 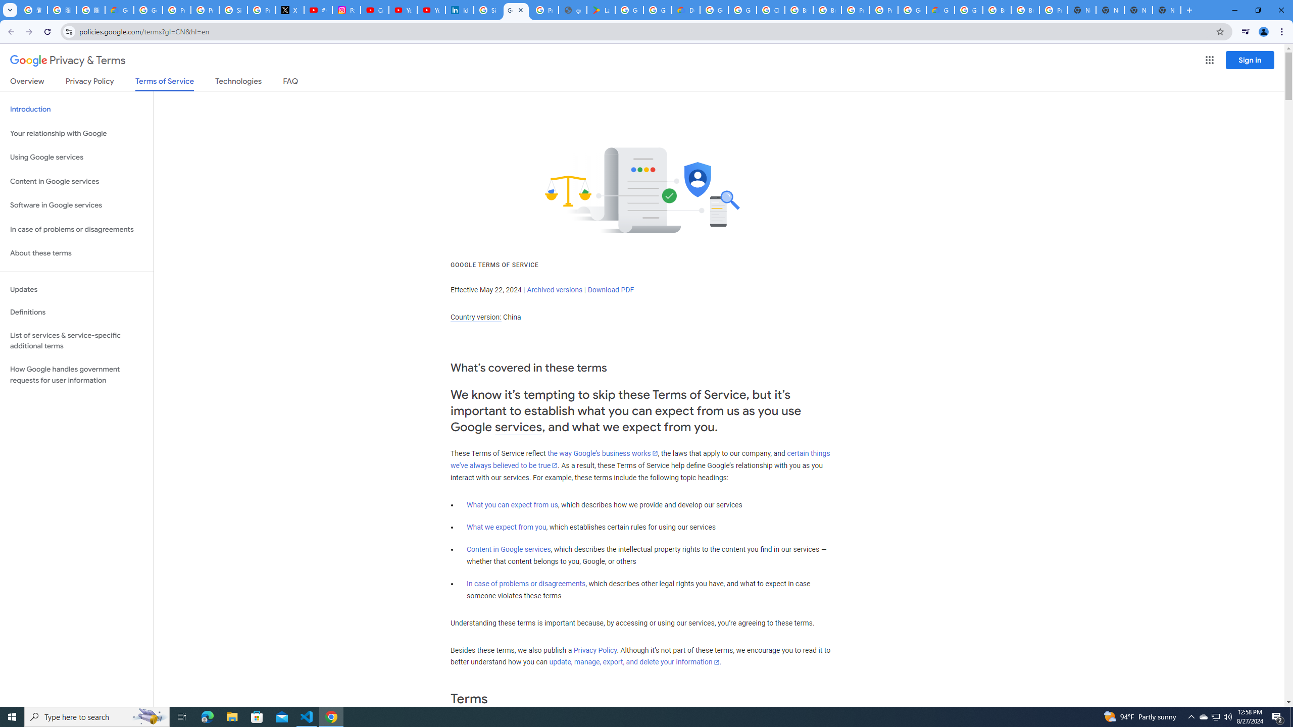 I want to click on 'What you can expect from us', so click(x=513, y=504).